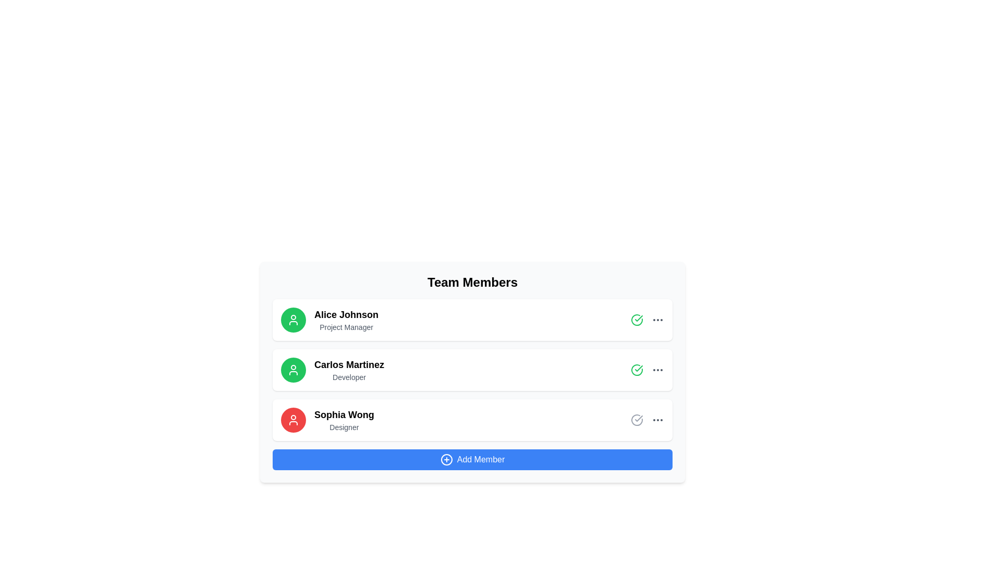 This screenshot has height=563, width=1001. What do you see at coordinates (292, 369) in the screenshot?
I see `the circular user avatar icon outlined in green with a white figure representing a user, associated with 'Carlos Martinez, Developer' in the second list item under 'Team Members'` at bounding box center [292, 369].